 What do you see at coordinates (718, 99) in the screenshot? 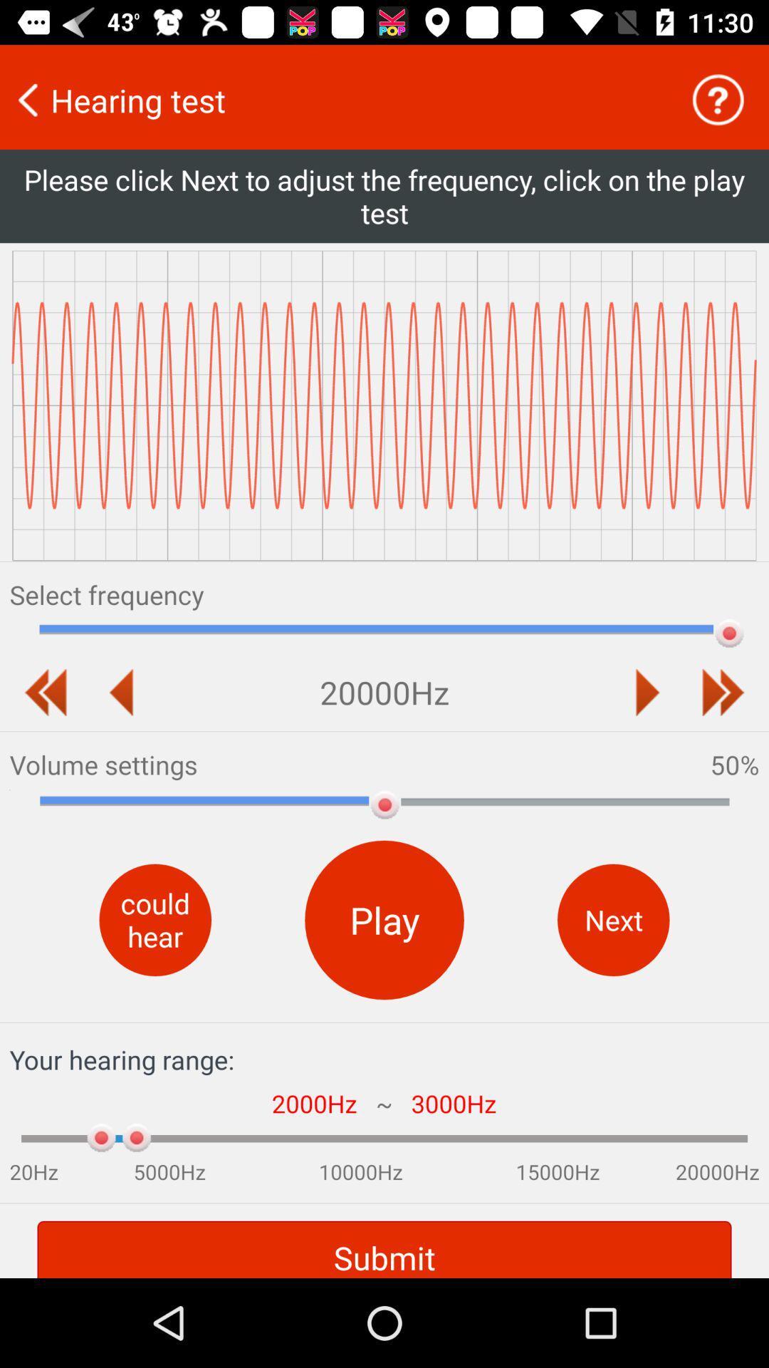
I see `help button` at bounding box center [718, 99].